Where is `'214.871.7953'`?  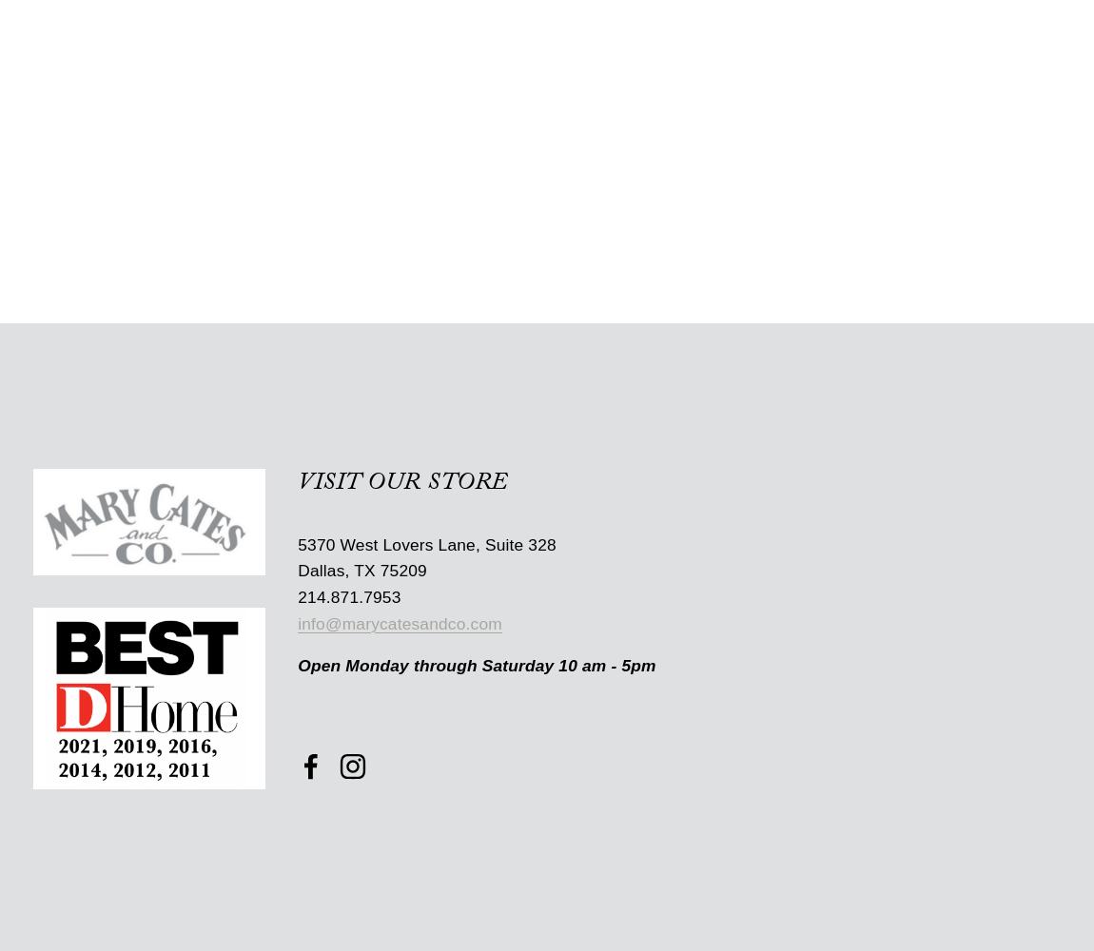 '214.871.7953' is located at coordinates (348, 597).